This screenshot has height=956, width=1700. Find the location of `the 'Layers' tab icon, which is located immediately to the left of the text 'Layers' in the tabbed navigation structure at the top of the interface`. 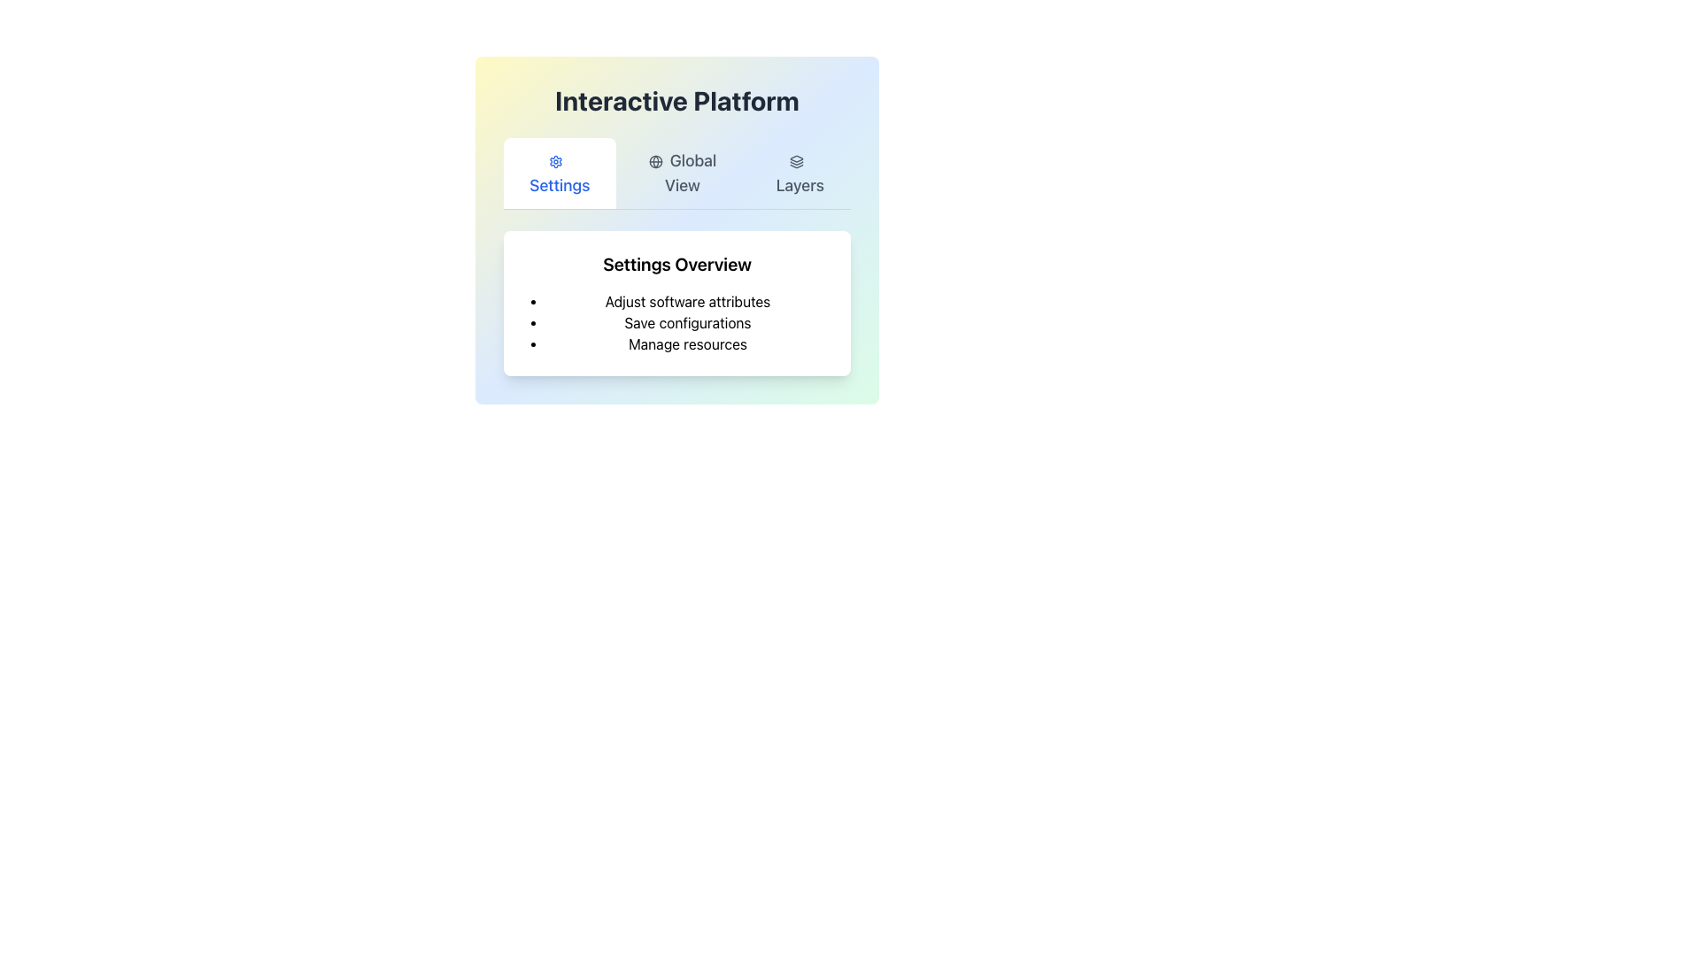

the 'Layers' tab icon, which is located immediately to the left of the text 'Layers' in the tabbed navigation structure at the top of the interface is located at coordinates (795, 162).